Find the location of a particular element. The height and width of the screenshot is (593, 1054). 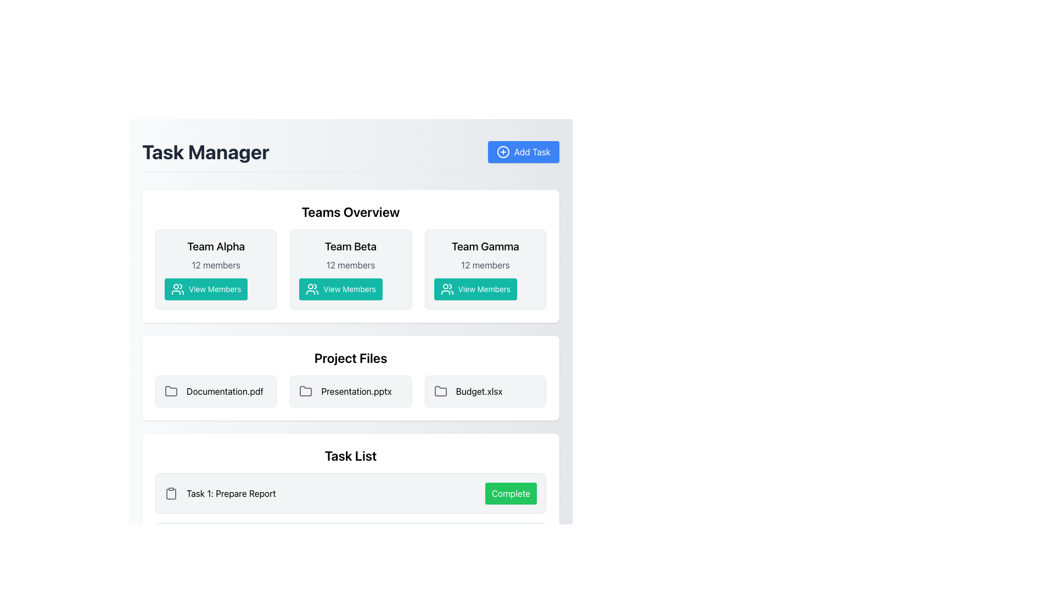

the folder icon representing the file 'Budget.xlsx' which is styled with a gray outline and rounded edges, located to the left of the file name in the 'Project Files' section is located at coordinates (440, 391).